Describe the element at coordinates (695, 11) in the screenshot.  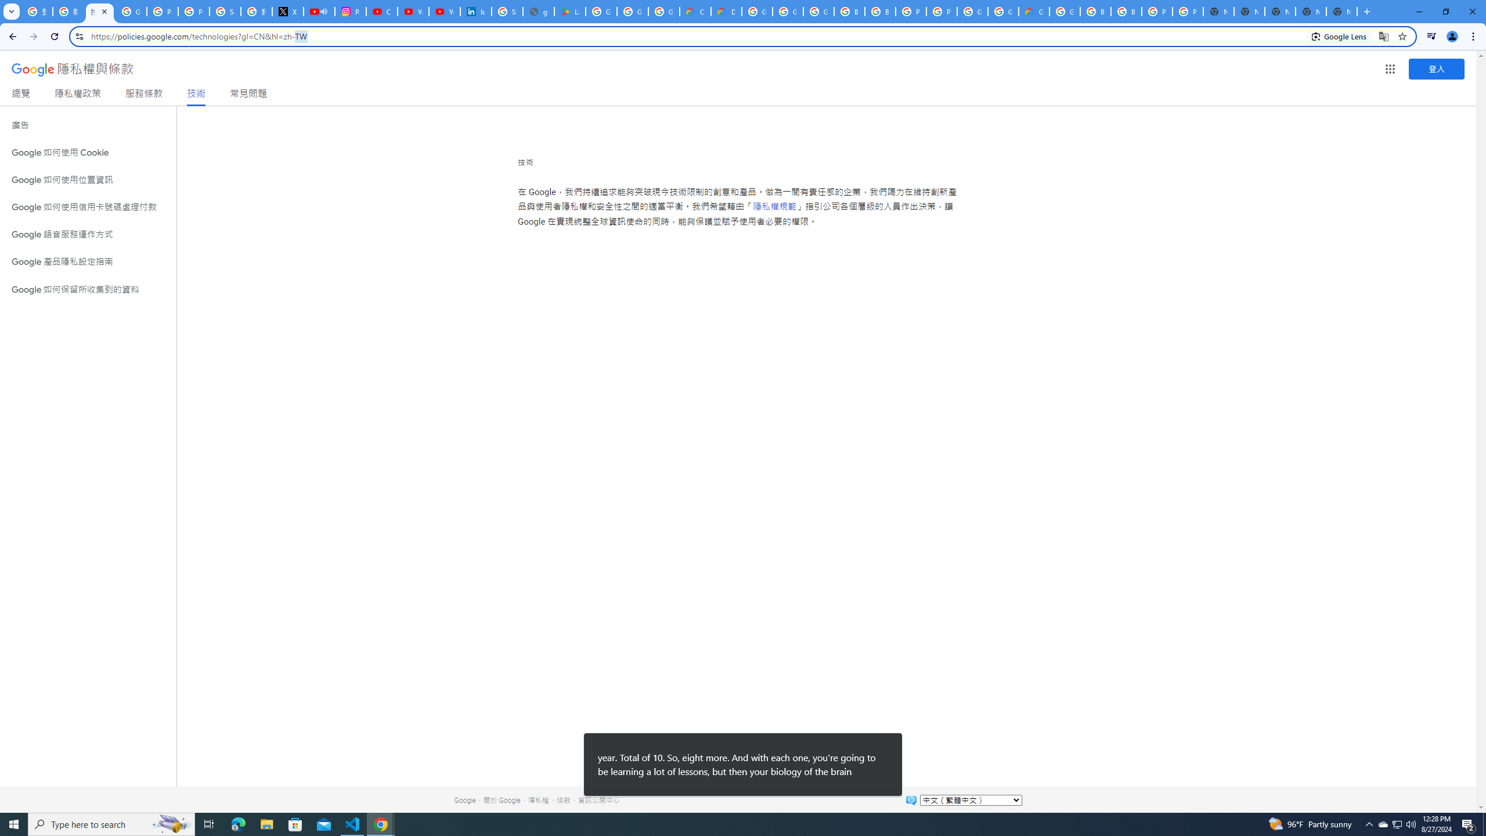
I see `'Customer Care | Google Cloud'` at that location.